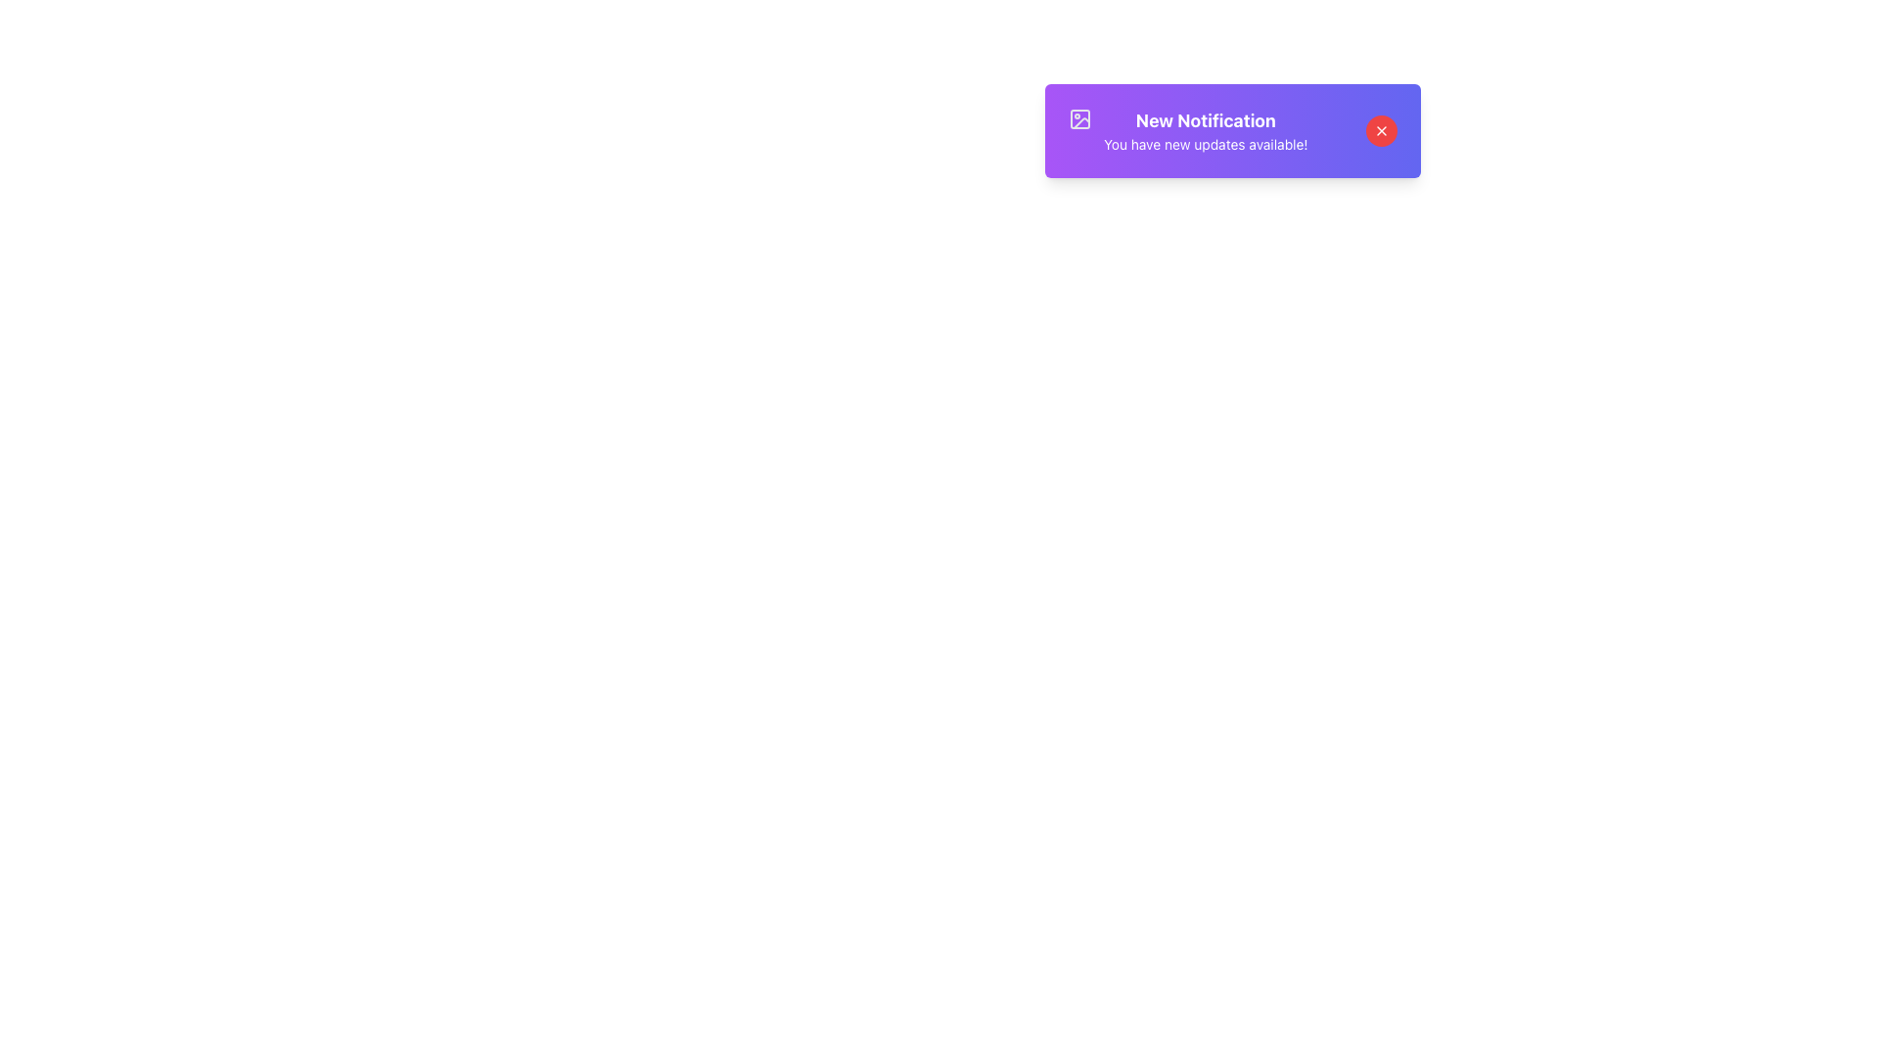 This screenshot has height=1057, width=1879. What do you see at coordinates (1079, 119) in the screenshot?
I see `the icon located on the leftmost side of the notification component that represents an image or graphical content, adjacent to the text 'New Notification'` at bounding box center [1079, 119].